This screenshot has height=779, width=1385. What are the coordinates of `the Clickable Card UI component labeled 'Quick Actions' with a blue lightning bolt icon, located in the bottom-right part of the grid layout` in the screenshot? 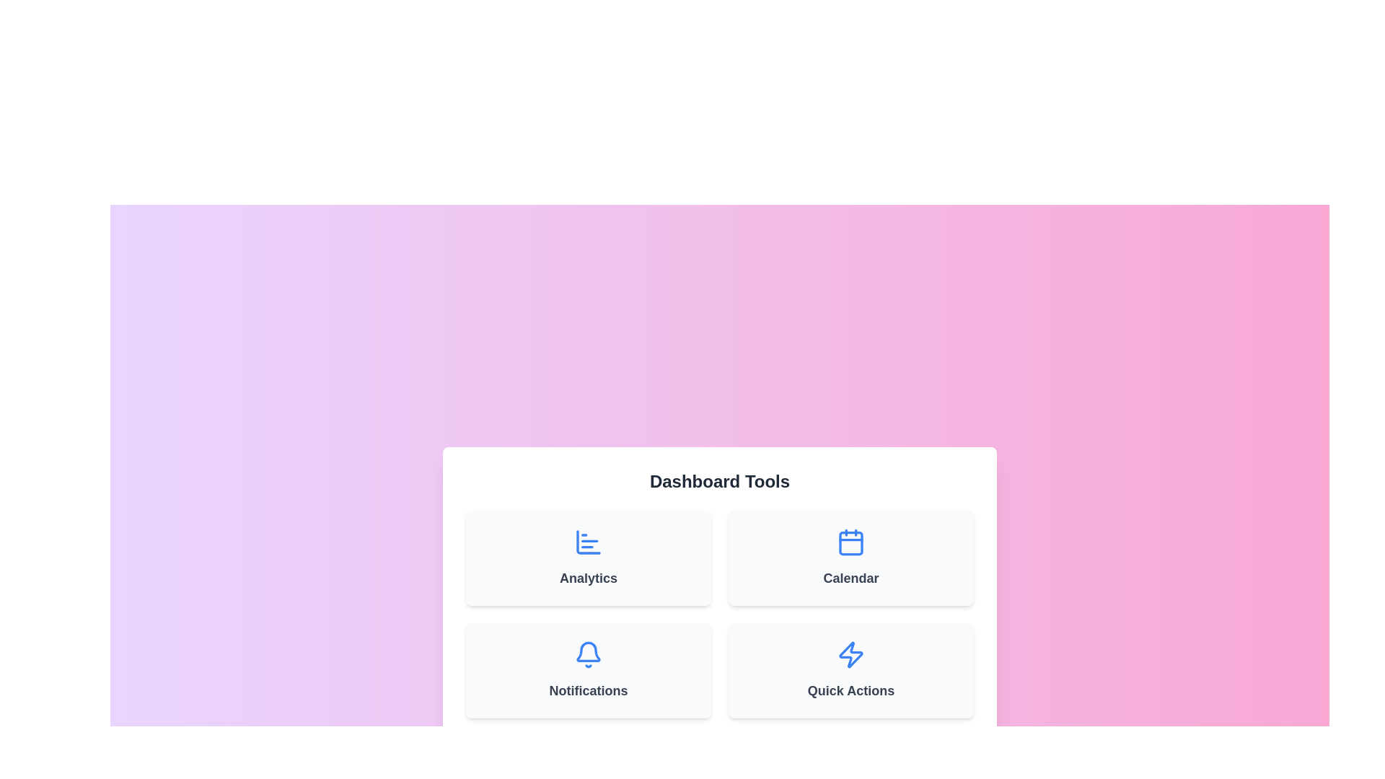 It's located at (851, 670).